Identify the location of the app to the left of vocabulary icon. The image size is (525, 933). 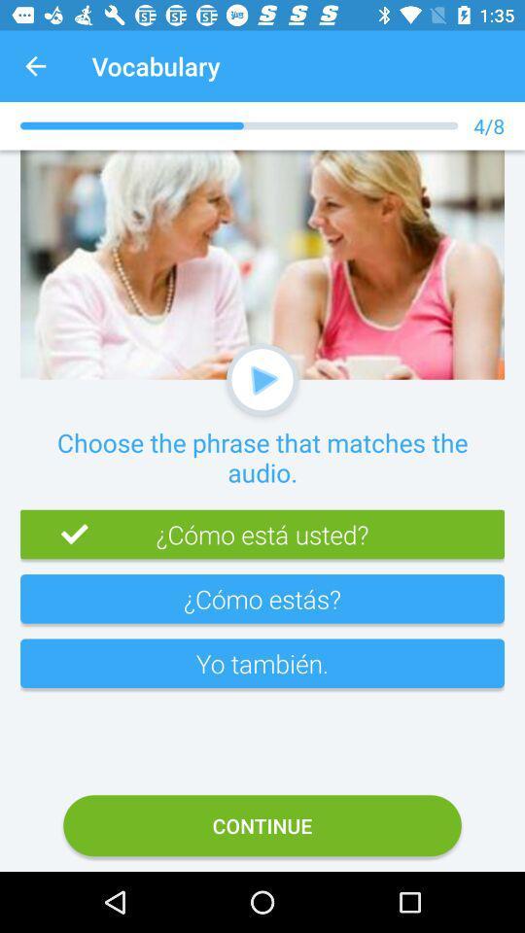
(35, 66).